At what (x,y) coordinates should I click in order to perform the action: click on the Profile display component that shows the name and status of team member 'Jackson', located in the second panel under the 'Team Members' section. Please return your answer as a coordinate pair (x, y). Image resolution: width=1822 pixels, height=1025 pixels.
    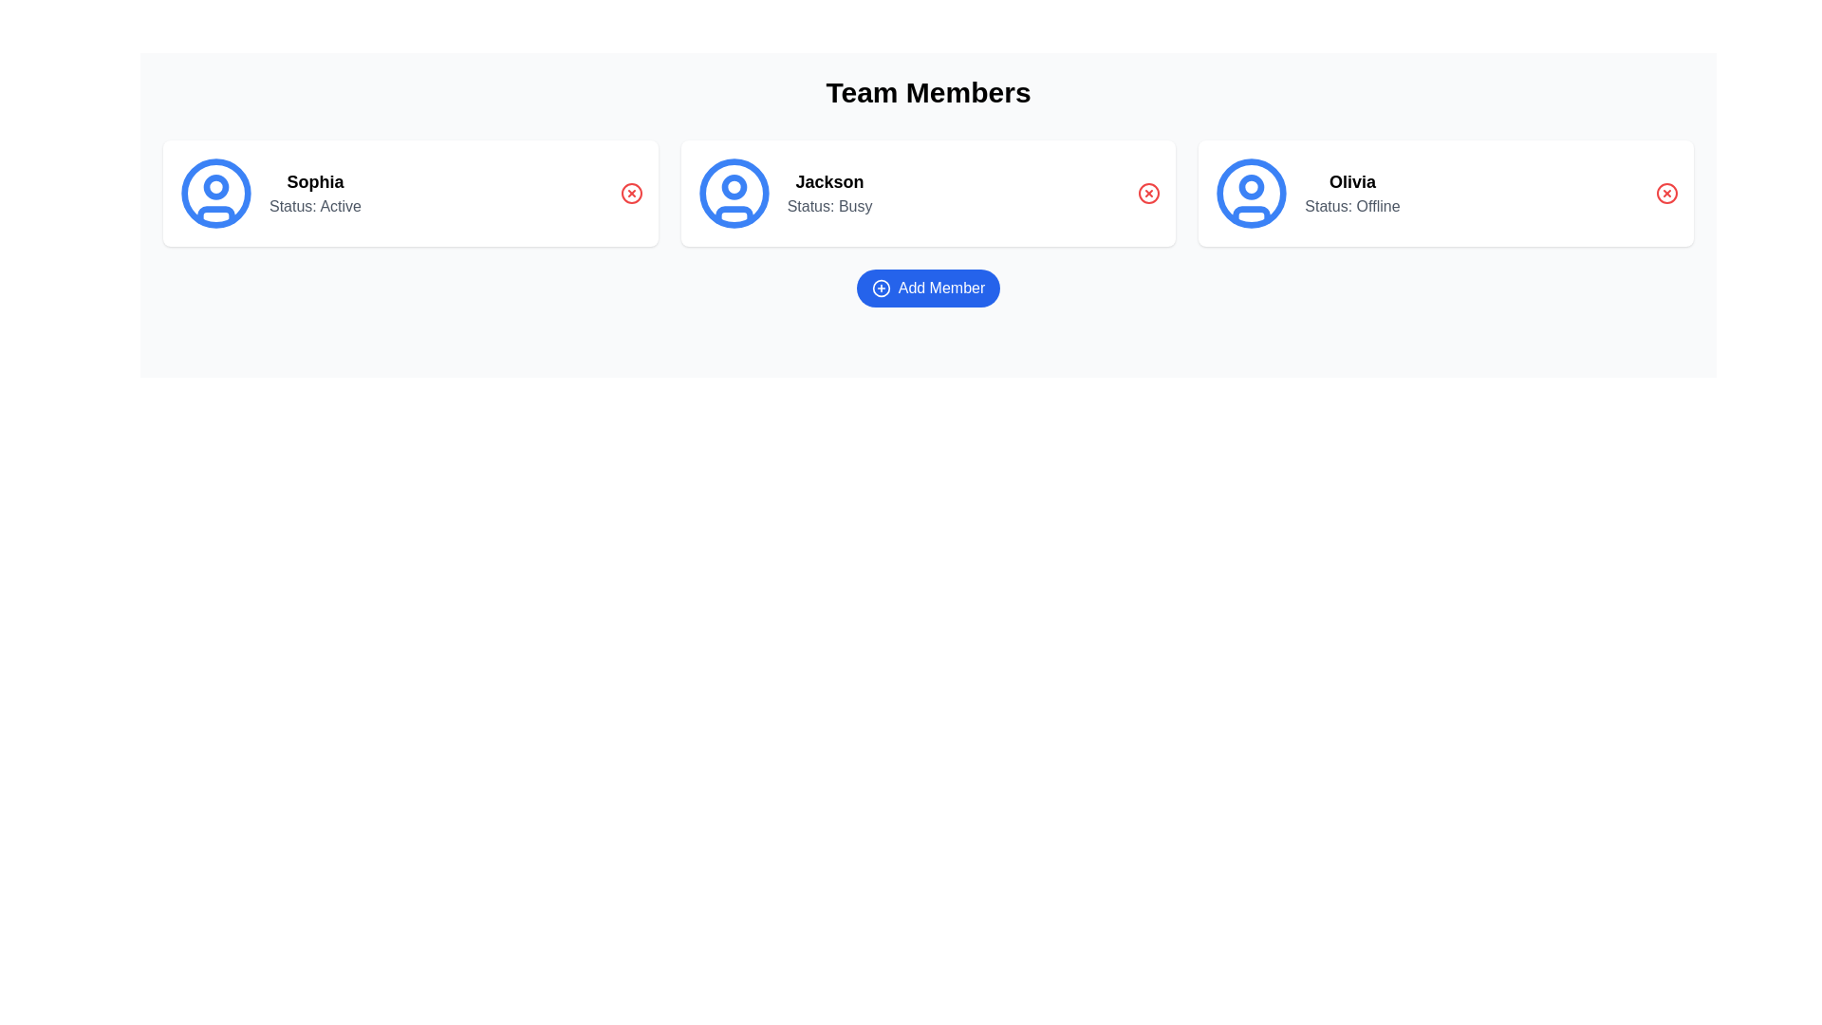
    Looking at the image, I should click on (784, 194).